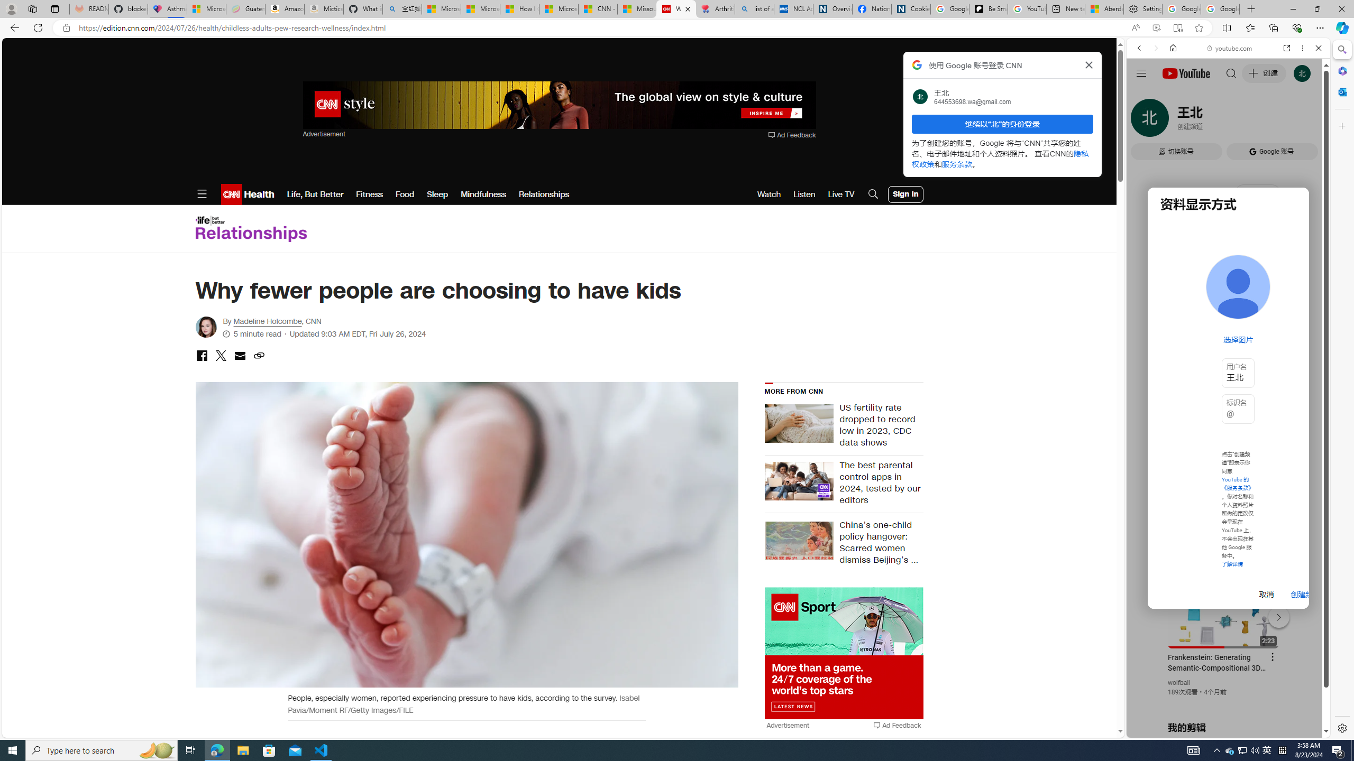 The width and height of the screenshot is (1354, 761). What do you see at coordinates (201, 194) in the screenshot?
I see `'Open Menu Icon'` at bounding box center [201, 194].